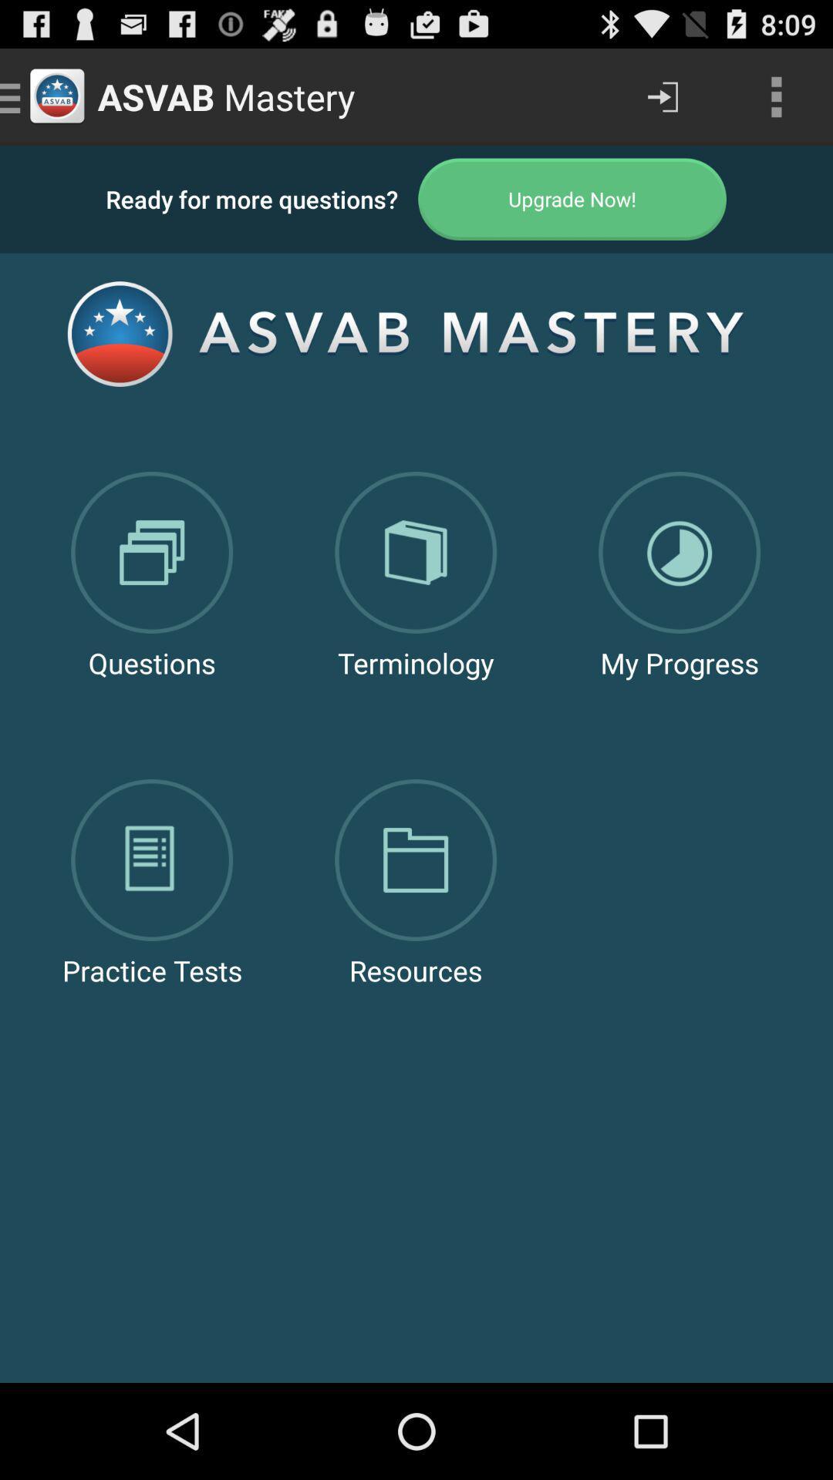 The height and width of the screenshot is (1480, 833). What do you see at coordinates (572, 198) in the screenshot?
I see `app to the right of the ready for more icon` at bounding box center [572, 198].